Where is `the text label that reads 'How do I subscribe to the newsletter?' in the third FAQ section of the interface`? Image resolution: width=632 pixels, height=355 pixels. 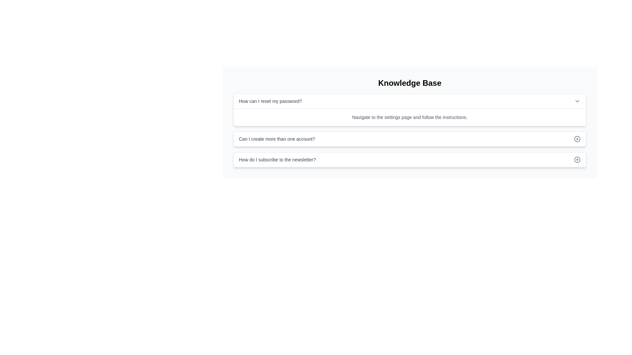 the text label that reads 'How do I subscribe to the newsletter?' in the third FAQ section of the interface is located at coordinates (277, 160).